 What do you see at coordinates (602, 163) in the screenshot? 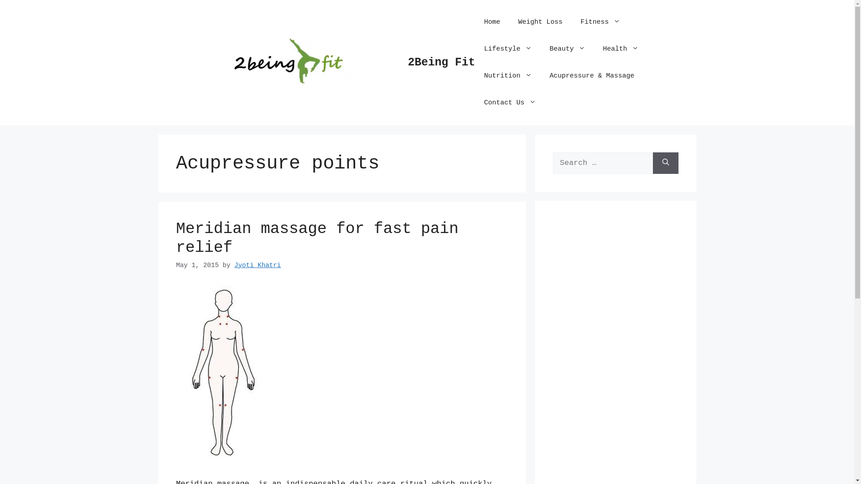
I see `'Search for:'` at bounding box center [602, 163].